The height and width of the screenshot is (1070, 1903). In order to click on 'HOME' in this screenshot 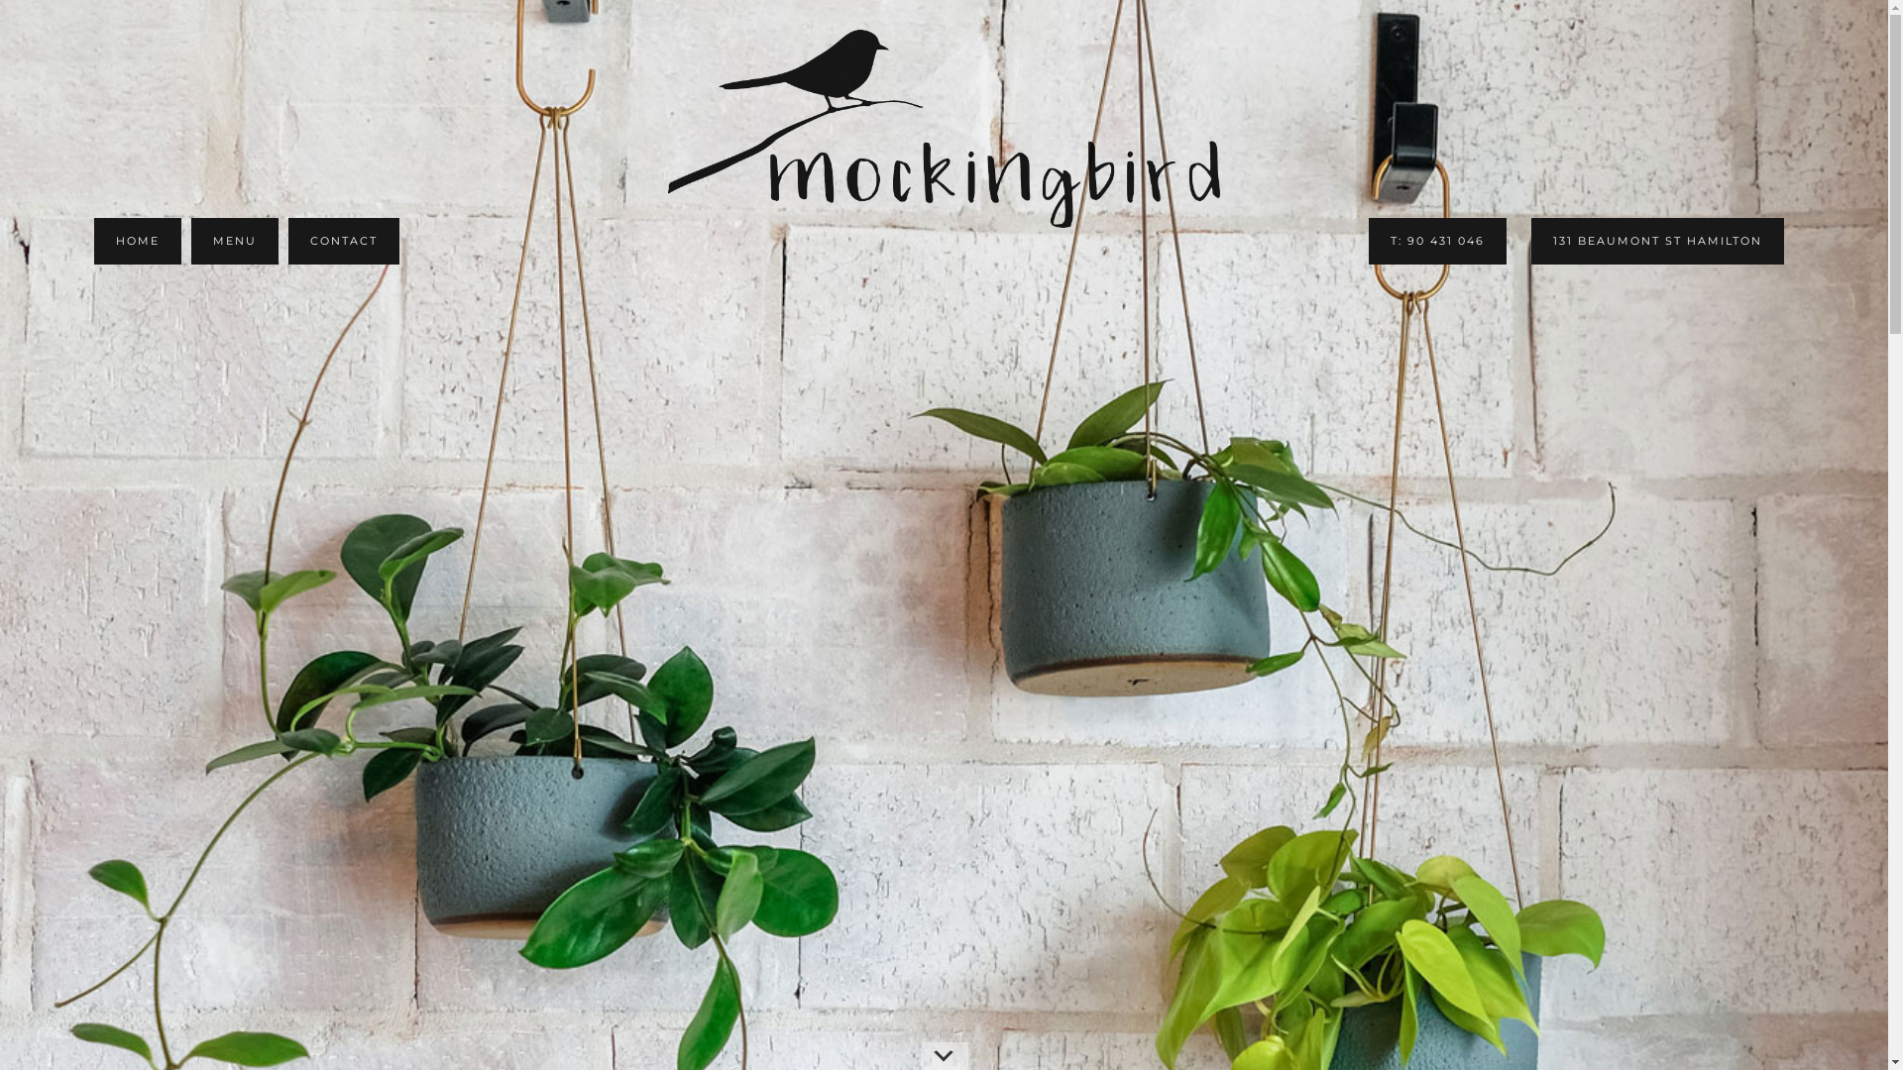, I will do `click(93, 240)`.